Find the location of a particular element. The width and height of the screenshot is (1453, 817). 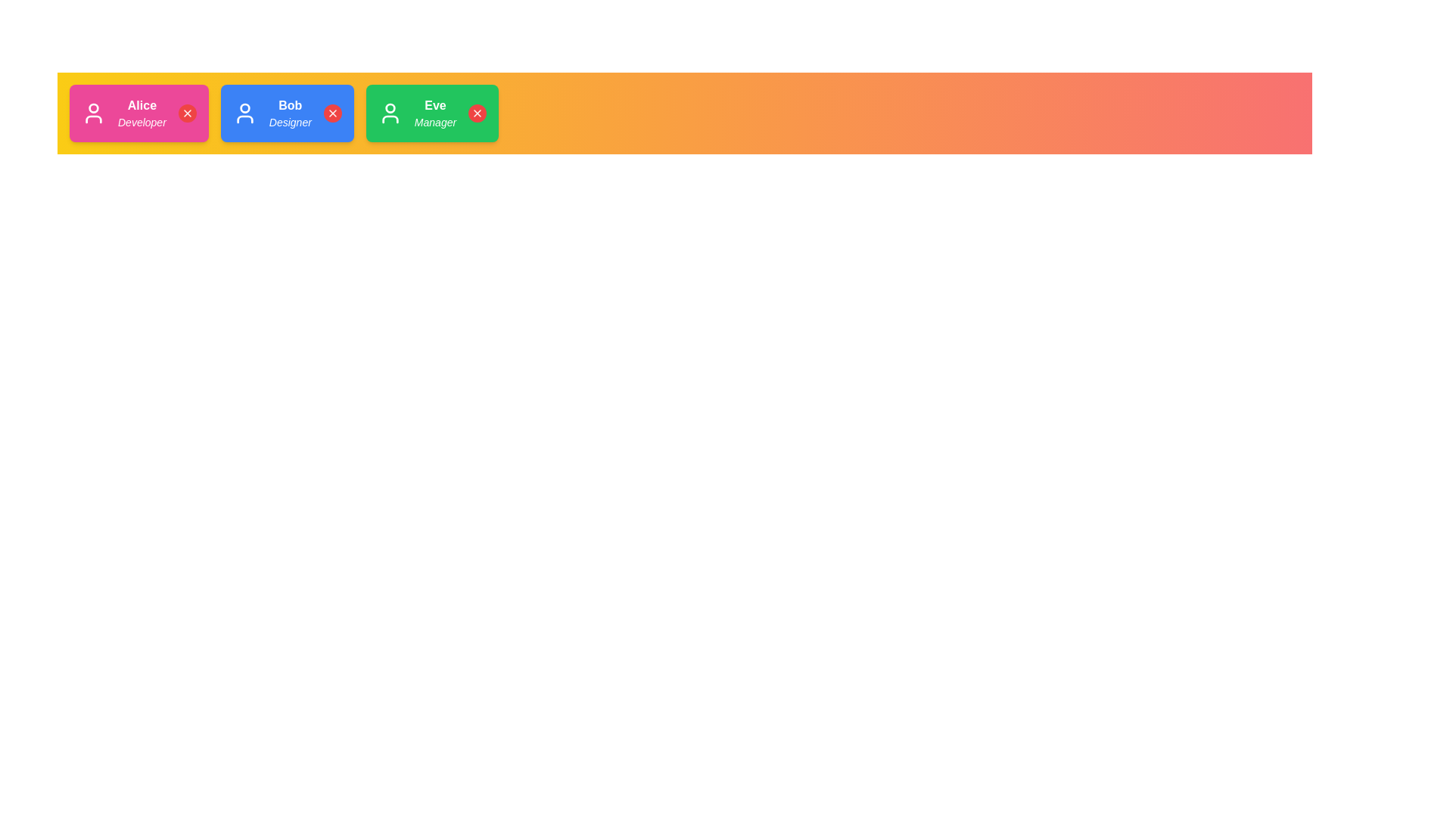

the close button of the avatar chip corresponding to Bob is located at coordinates (331, 113).